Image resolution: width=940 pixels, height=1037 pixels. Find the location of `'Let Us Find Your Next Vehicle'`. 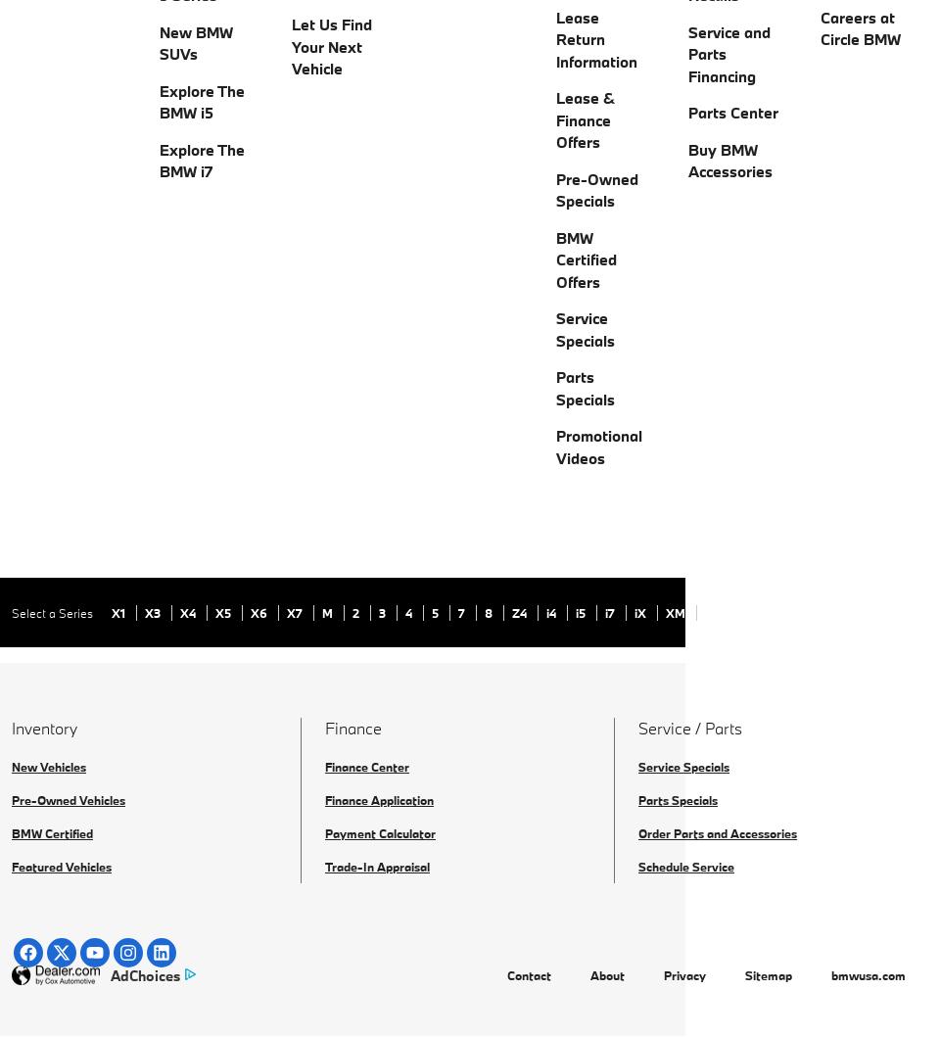

'Let Us Find Your Next Vehicle' is located at coordinates (331, 46).